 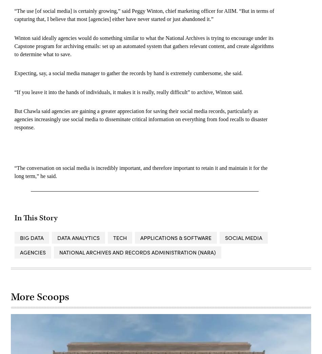 What do you see at coordinates (33, 251) in the screenshot?
I see `'Agencies'` at bounding box center [33, 251].